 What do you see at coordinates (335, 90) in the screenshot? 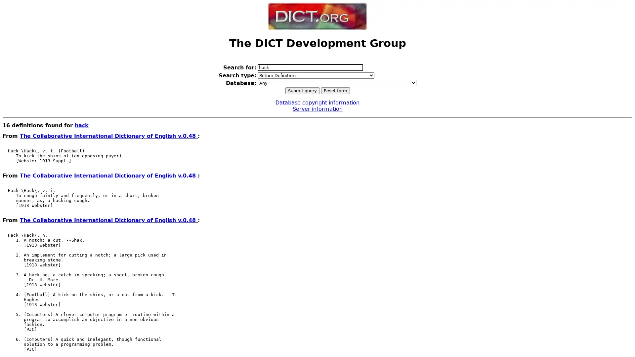
I see `Reset form` at bounding box center [335, 90].